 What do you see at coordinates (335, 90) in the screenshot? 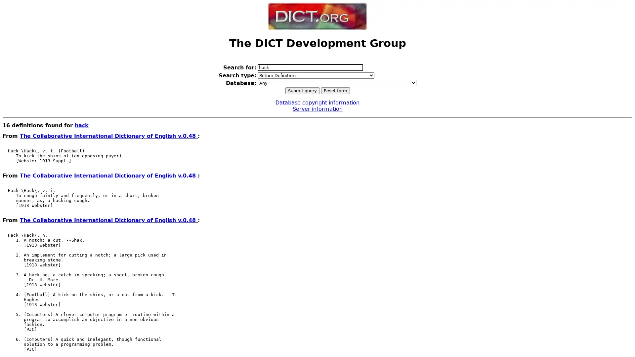
I see `Reset form` at bounding box center [335, 90].